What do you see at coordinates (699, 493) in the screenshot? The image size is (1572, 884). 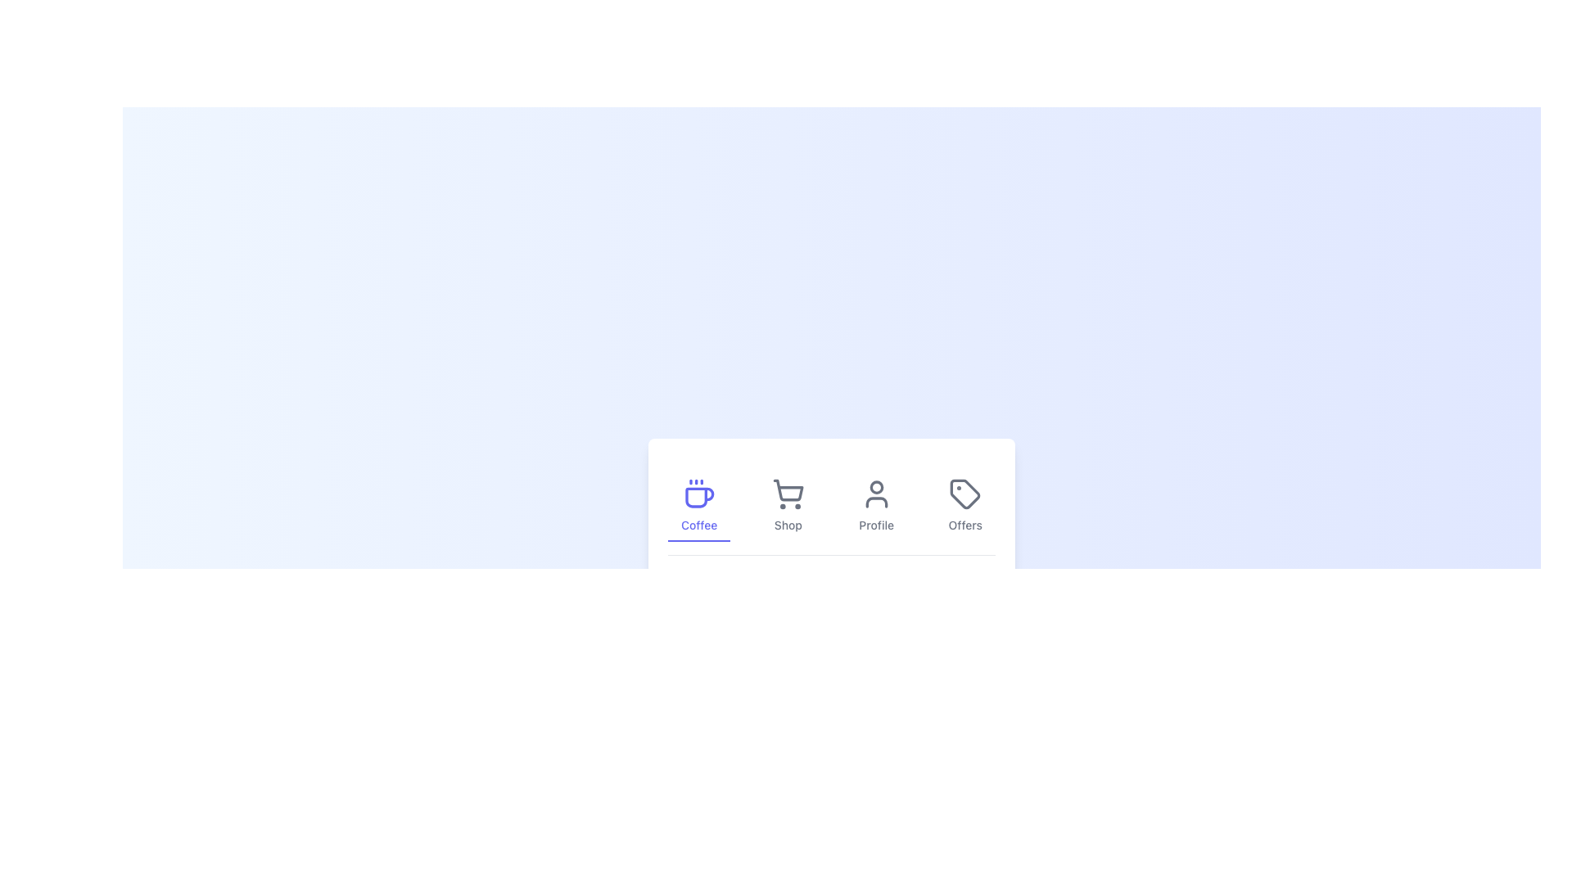 I see `the coffee category icon located in the bottom navigation bar` at bounding box center [699, 493].